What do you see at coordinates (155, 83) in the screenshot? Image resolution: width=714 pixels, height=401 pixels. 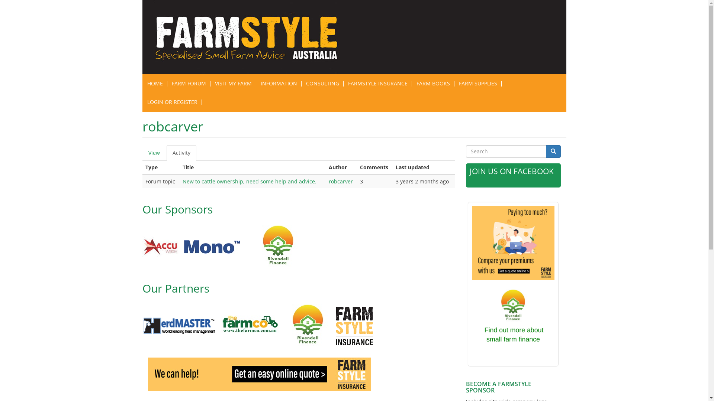 I see `'HOME'` at bounding box center [155, 83].